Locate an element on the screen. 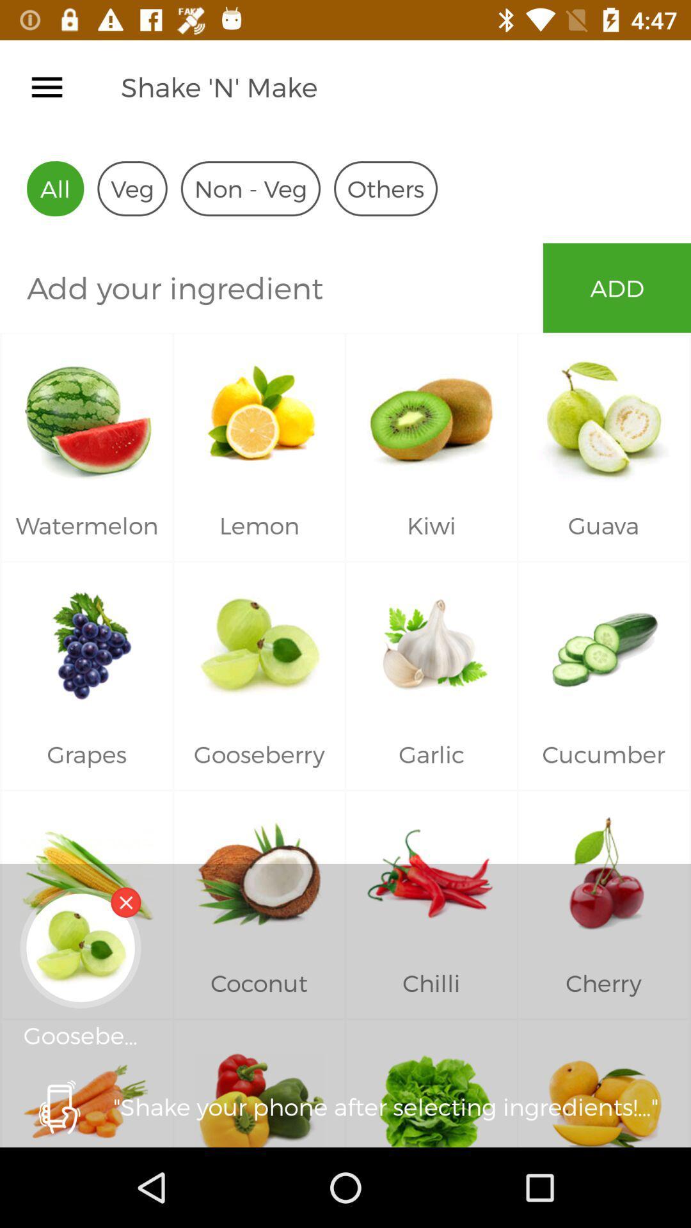 The width and height of the screenshot is (691, 1228). an ingredient is located at coordinates (271, 287).